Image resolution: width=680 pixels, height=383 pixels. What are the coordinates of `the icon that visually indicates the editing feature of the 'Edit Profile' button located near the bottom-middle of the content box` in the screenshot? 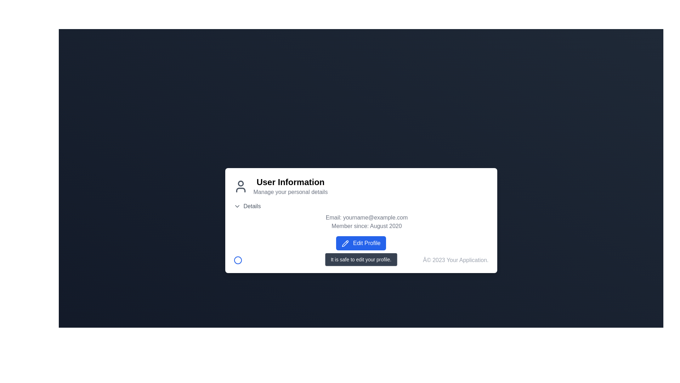 It's located at (345, 243).